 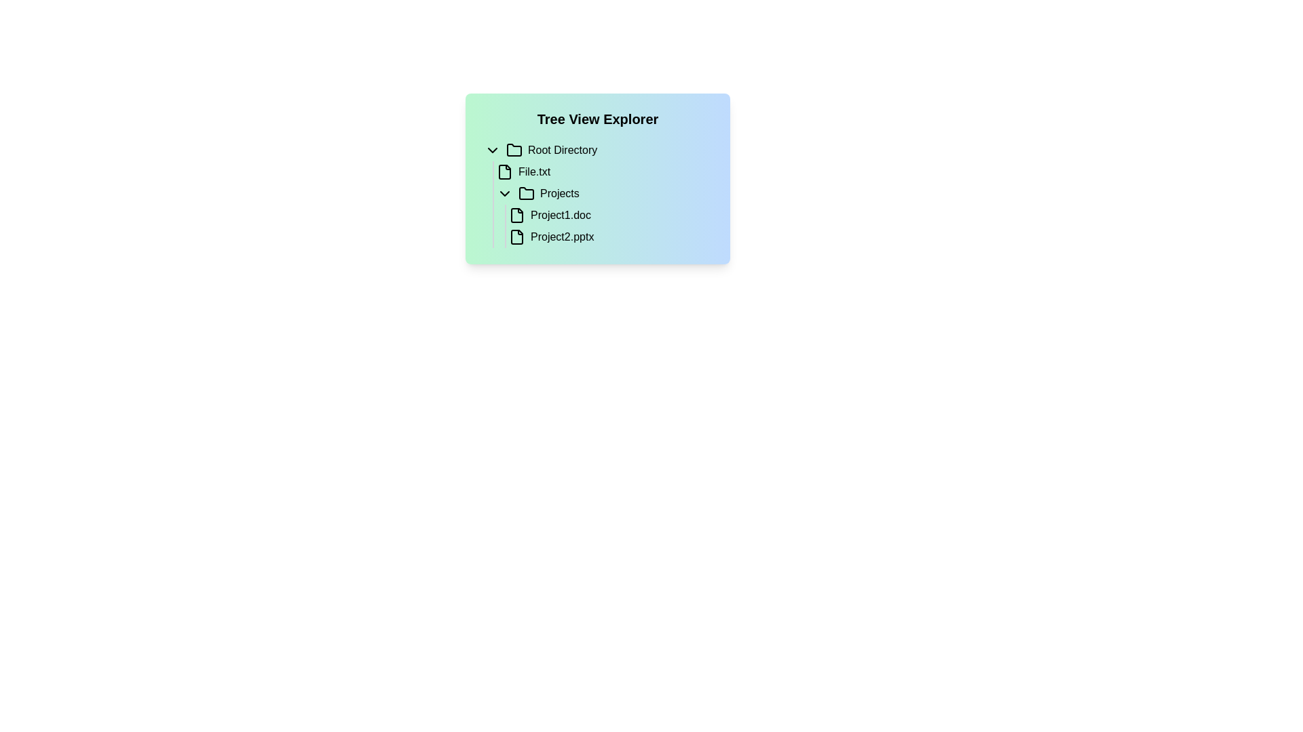 What do you see at coordinates (602, 204) in the screenshot?
I see `the 'Projects' subdirectory under 'File.txt' in the 'Root Directory' section` at bounding box center [602, 204].